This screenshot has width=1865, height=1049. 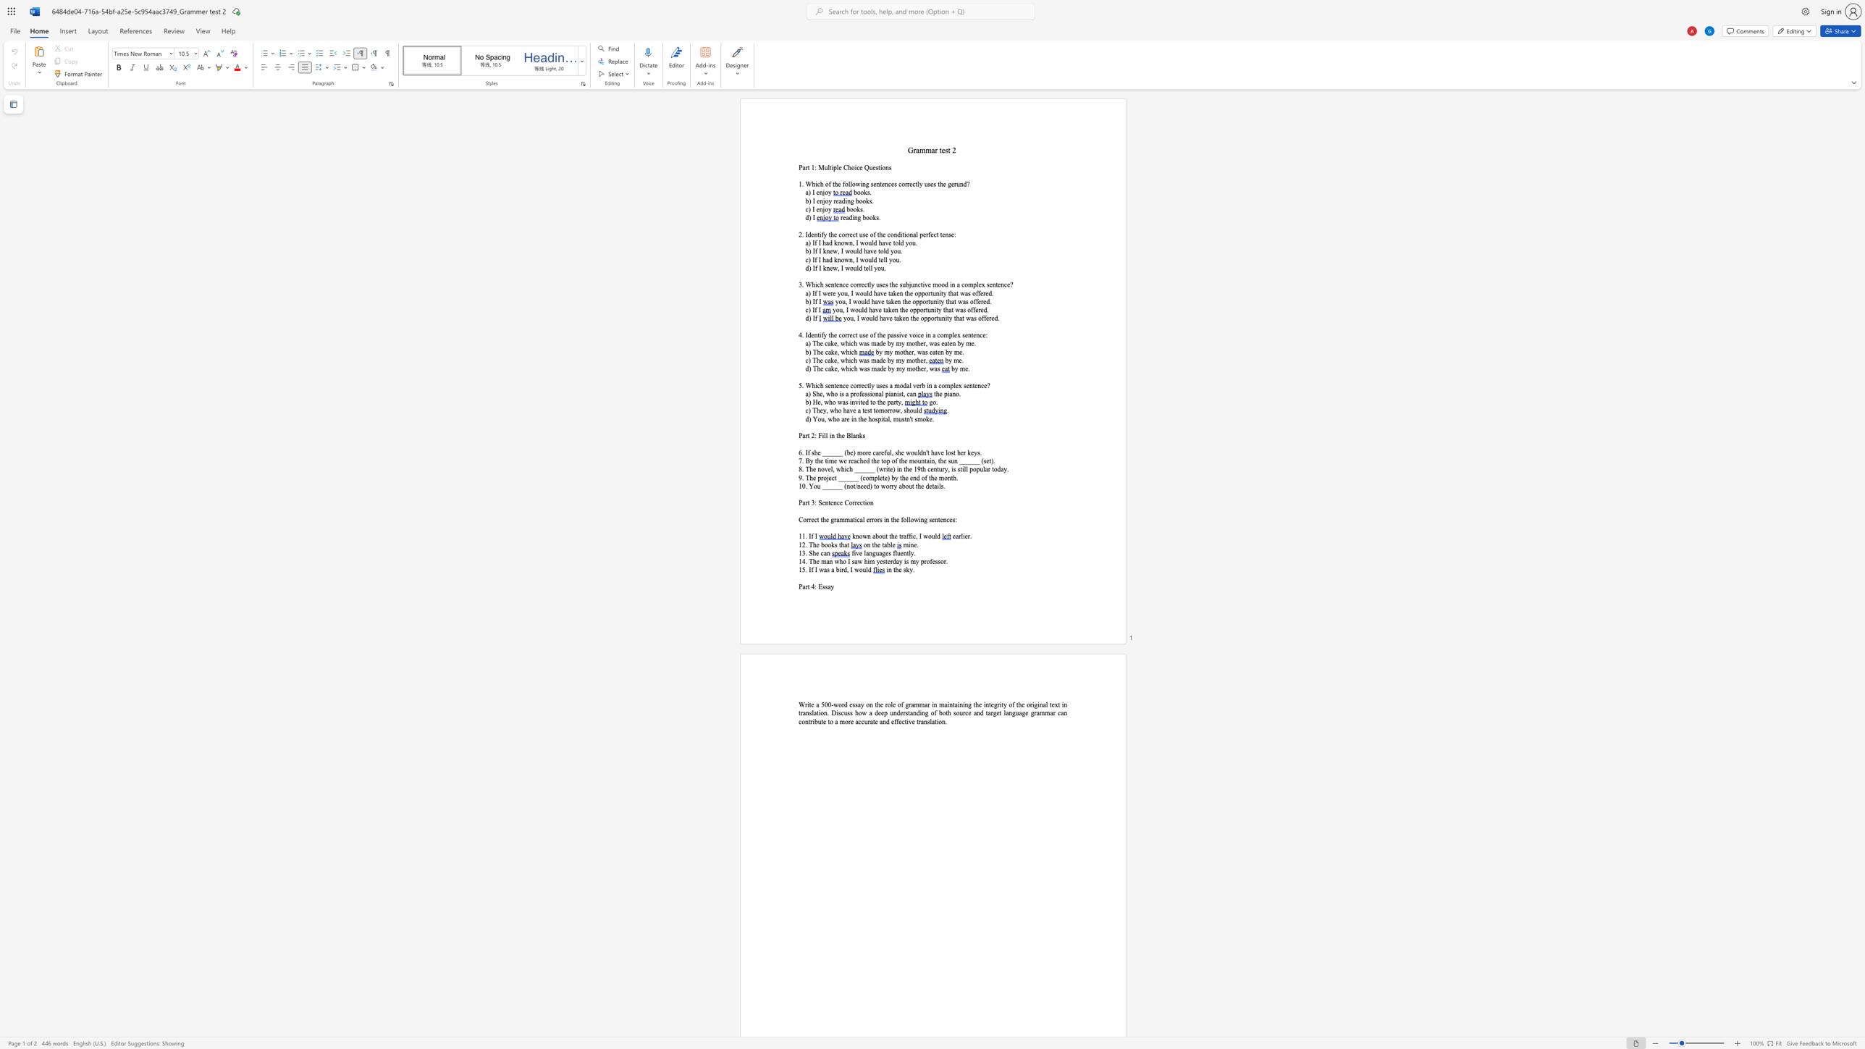 What do you see at coordinates (822, 410) in the screenshot?
I see `the space between the continuous character "e" and "y" in the text` at bounding box center [822, 410].